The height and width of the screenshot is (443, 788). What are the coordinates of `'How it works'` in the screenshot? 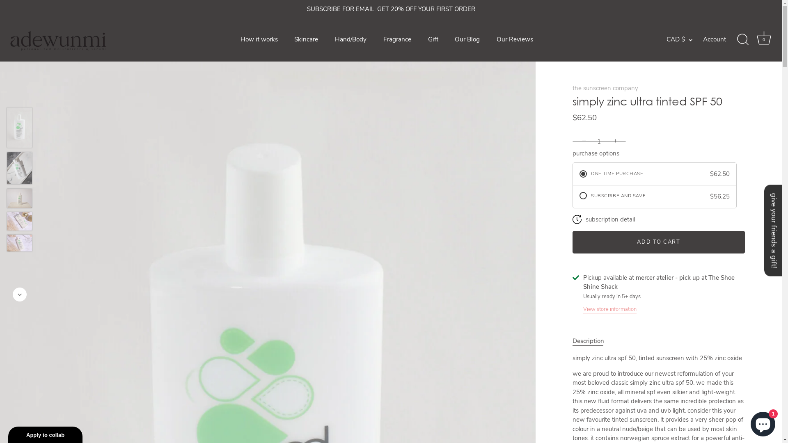 It's located at (258, 39).